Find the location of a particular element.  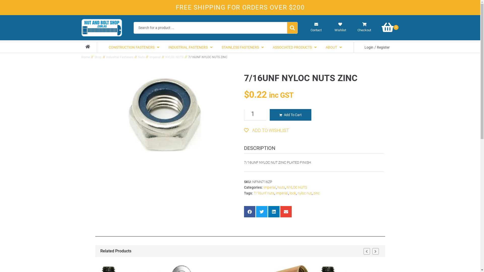

'ABOUT' is located at coordinates (334, 47).